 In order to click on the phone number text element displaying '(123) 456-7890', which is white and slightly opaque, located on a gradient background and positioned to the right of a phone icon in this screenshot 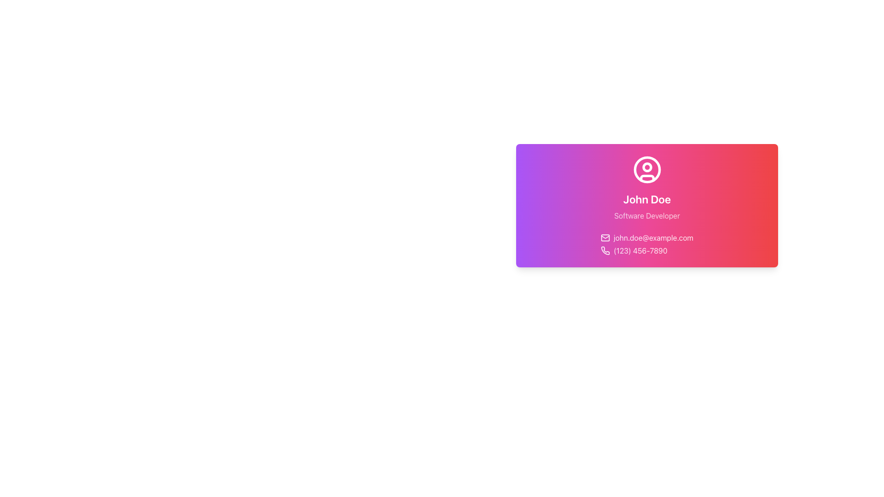, I will do `click(640, 250)`.